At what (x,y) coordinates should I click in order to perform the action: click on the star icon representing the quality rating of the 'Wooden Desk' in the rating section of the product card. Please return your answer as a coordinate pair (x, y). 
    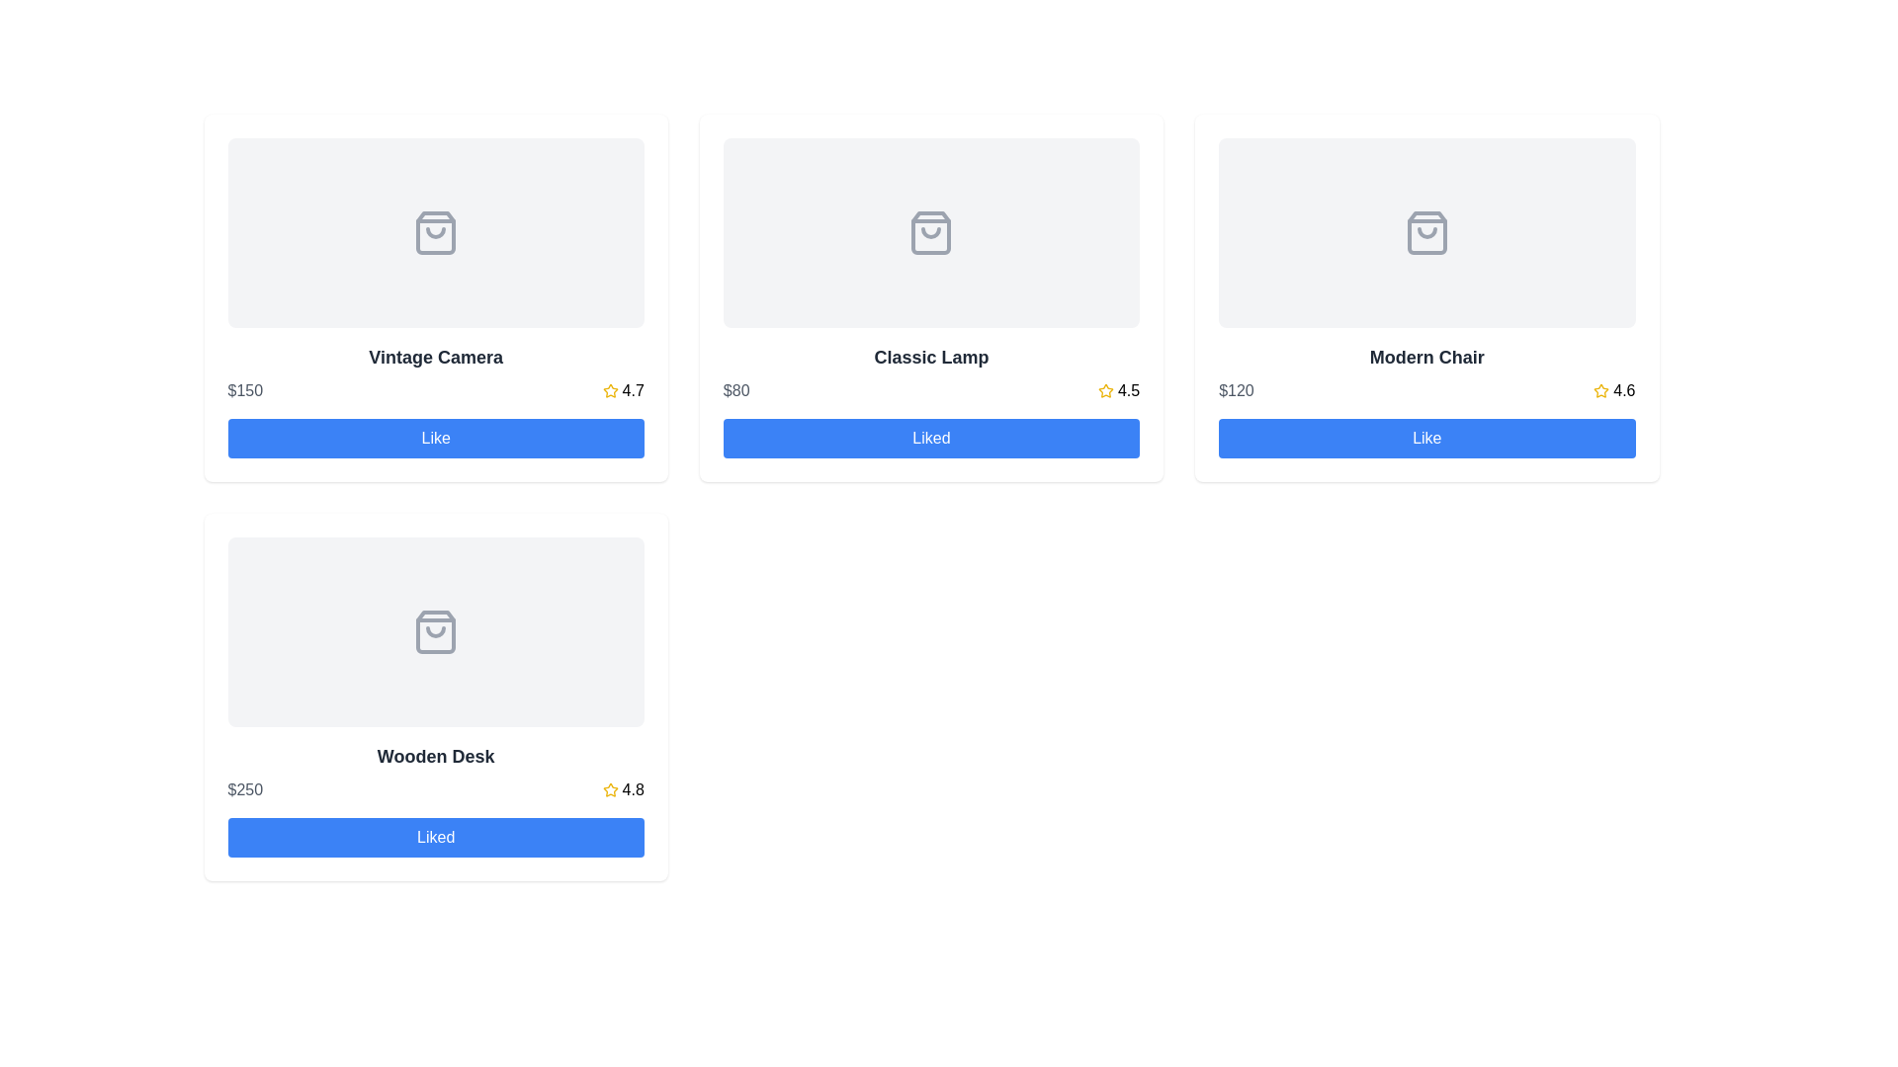
    Looking at the image, I should click on (609, 788).